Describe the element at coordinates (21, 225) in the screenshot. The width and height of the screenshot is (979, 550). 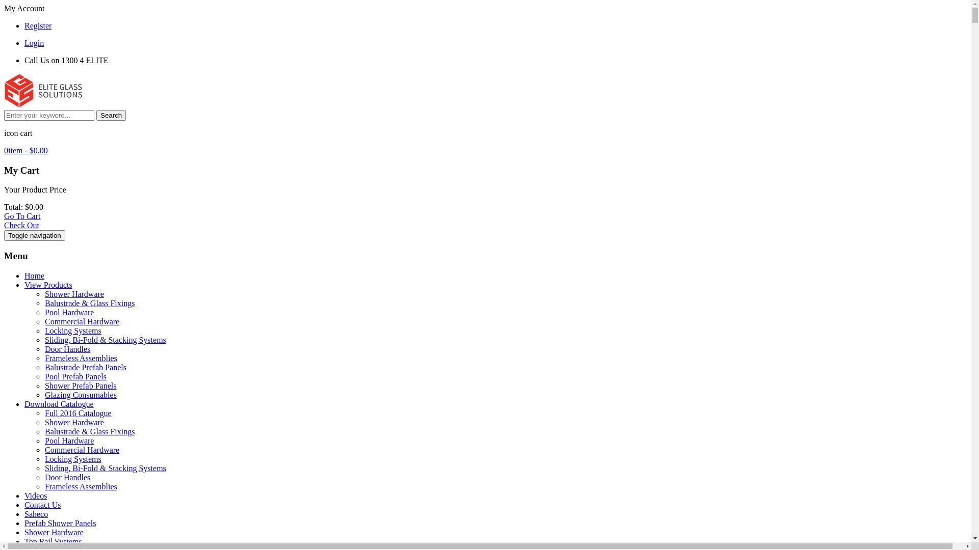
I see `'Check Out'` at that location.